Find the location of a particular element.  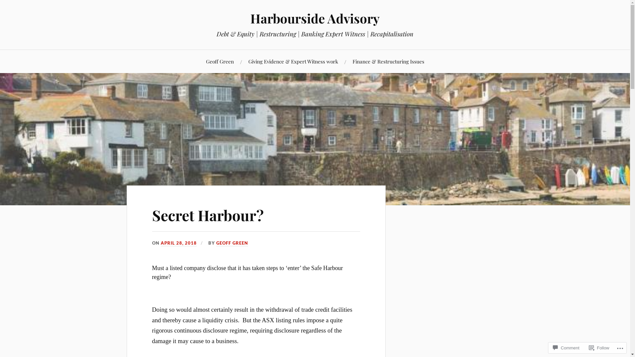

'APRIL 28, 2018' is located at coordinates (179, 243).